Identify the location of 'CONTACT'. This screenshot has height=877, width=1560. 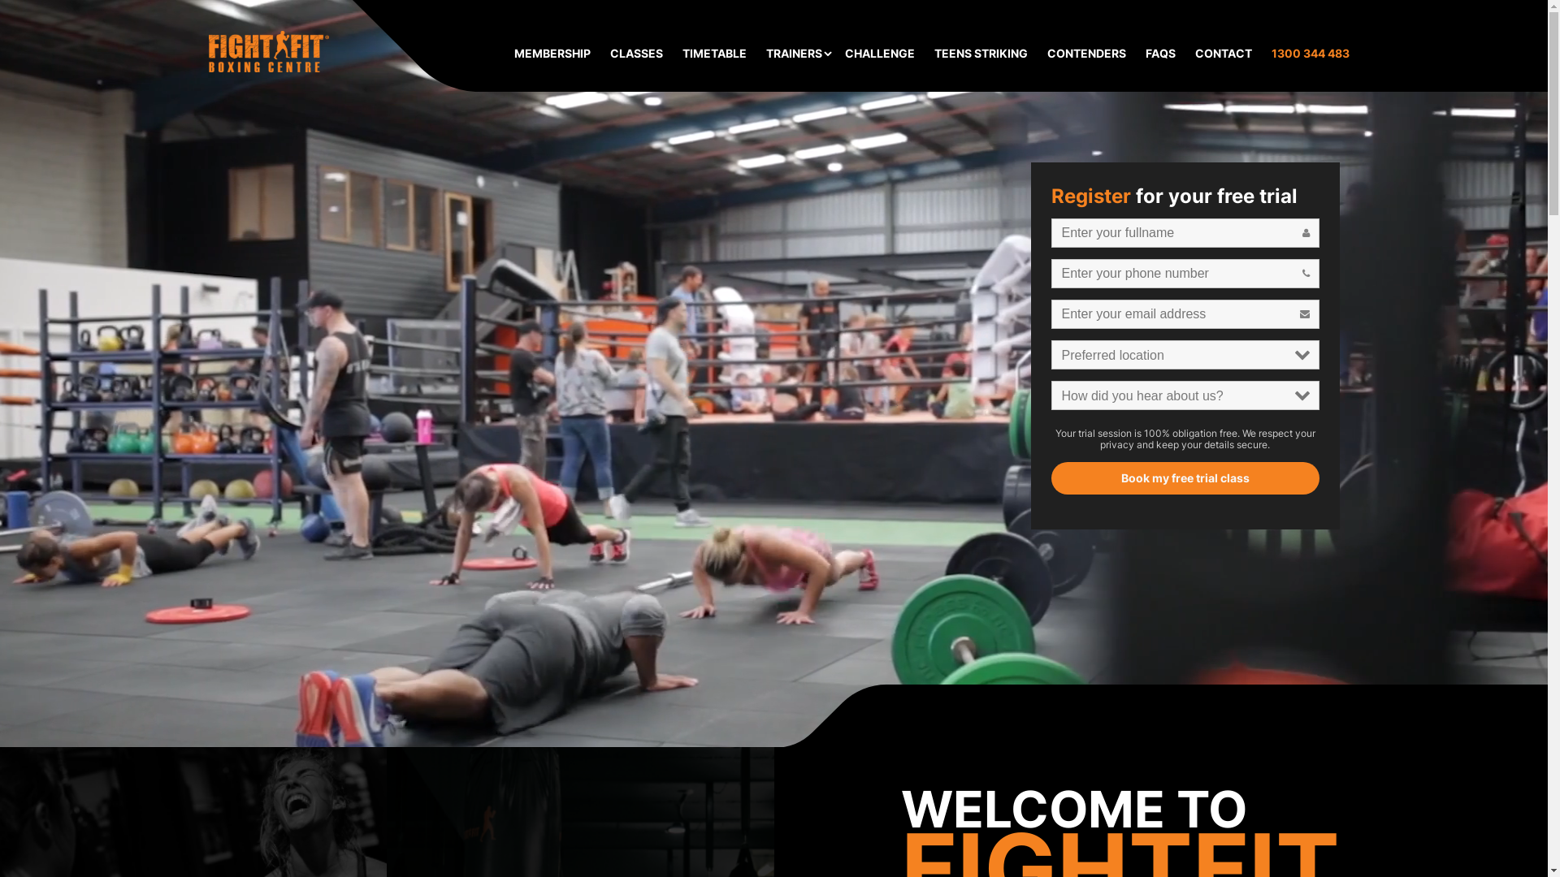
(1223, 52).